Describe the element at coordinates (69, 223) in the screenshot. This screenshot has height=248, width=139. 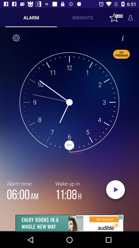
I see `open advertisement` at that location.